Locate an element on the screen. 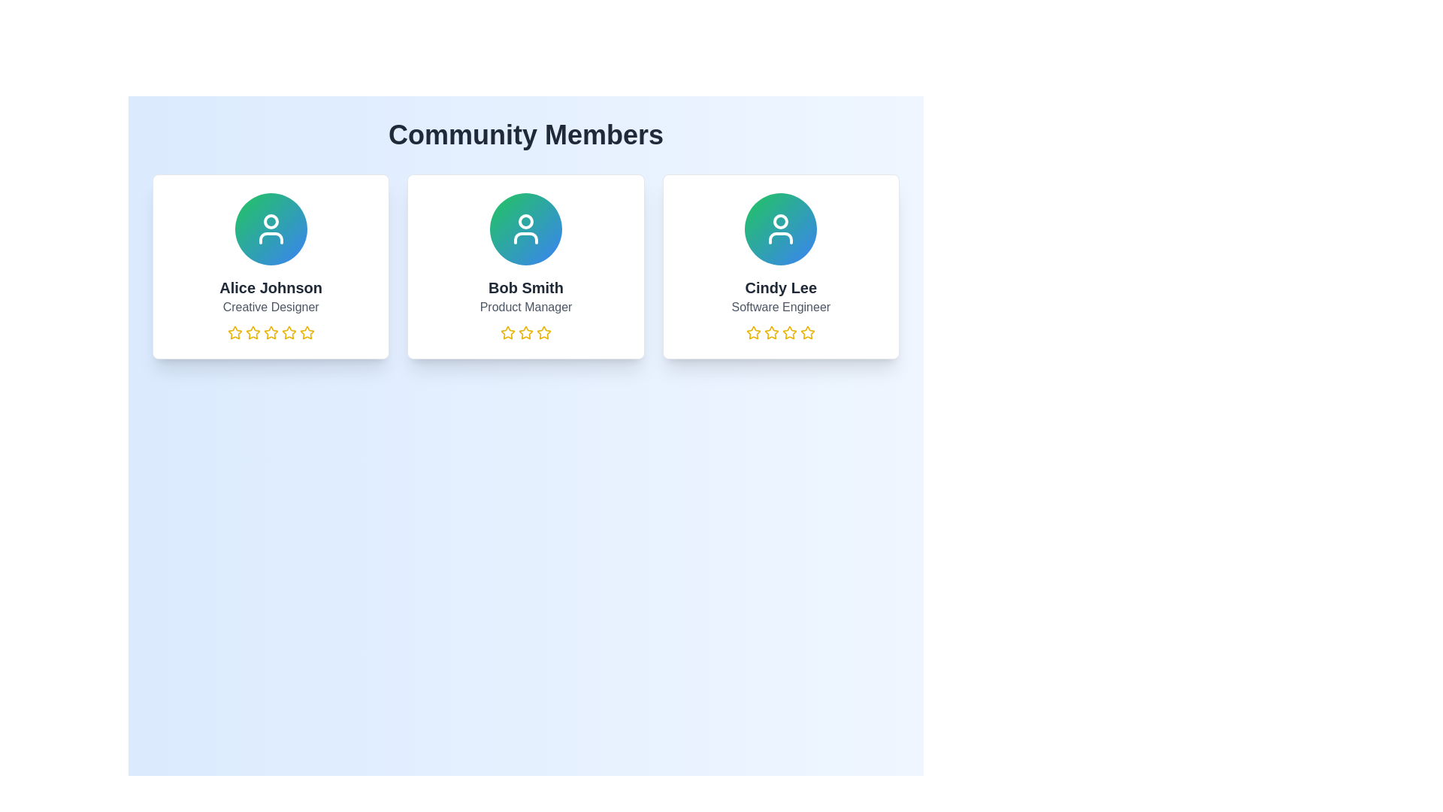 The height and width of the screenshot is (812, 1443). the fourth star icon used for rating the profile of 'Cindy Lee, Software Engineer' located under her card in the 'Community Members' section is located at coordinates (789, 332).